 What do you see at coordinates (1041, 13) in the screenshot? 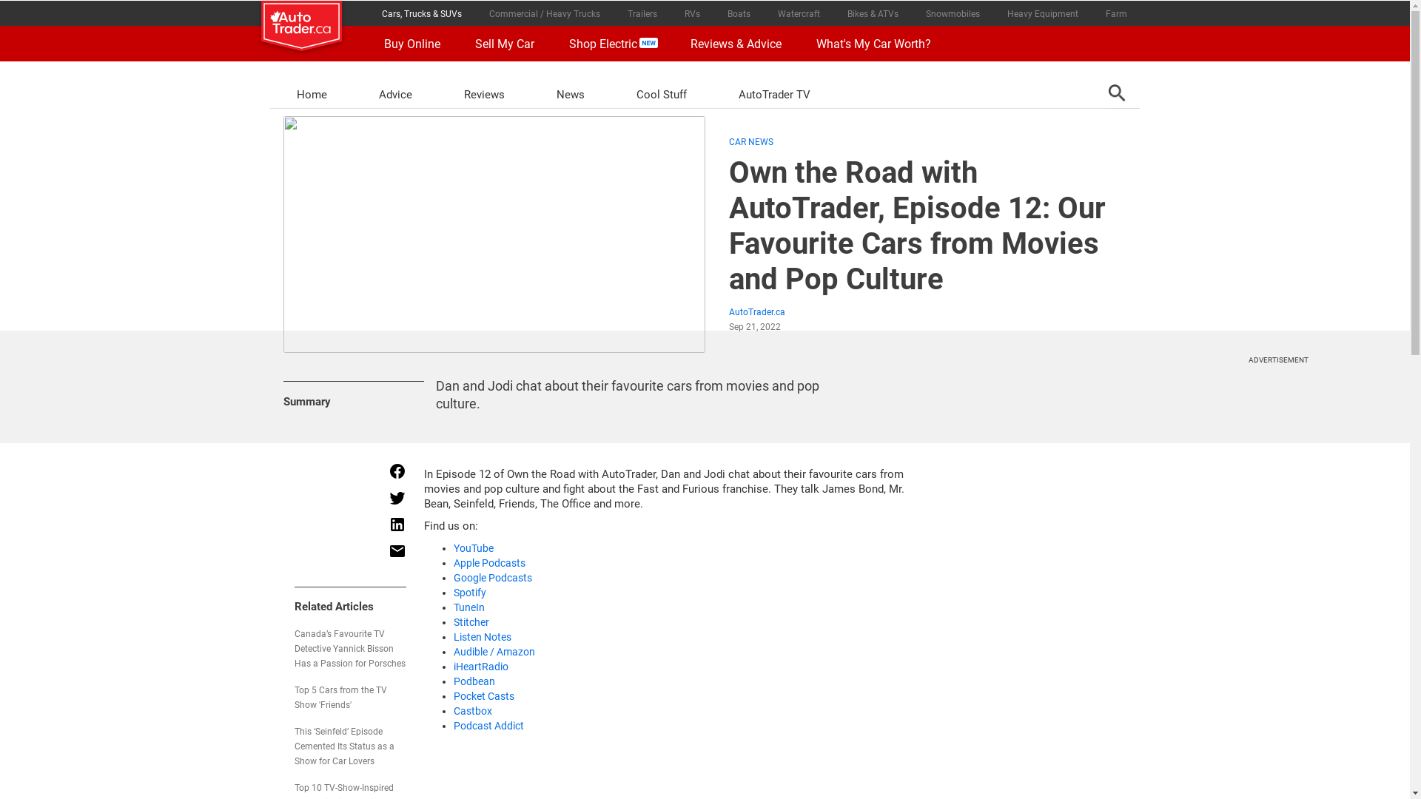
I see `'Heavy Equipment'` at bounding box center [1041, 13].